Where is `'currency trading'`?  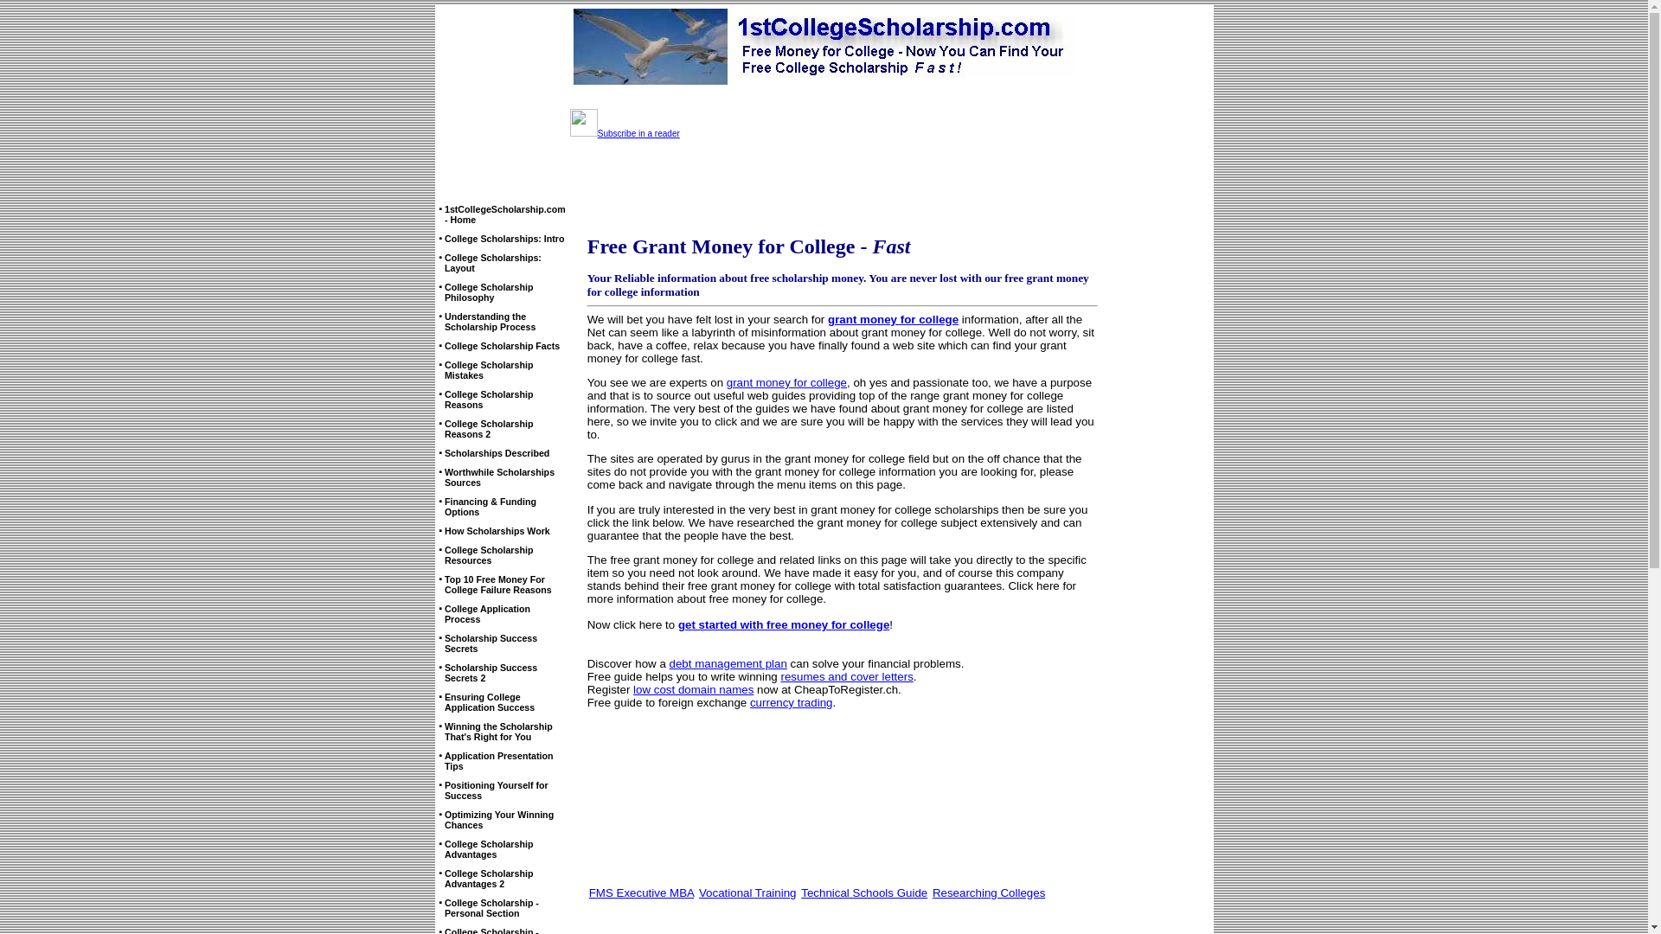 'currency trading' is located at coordinates (750, 702).